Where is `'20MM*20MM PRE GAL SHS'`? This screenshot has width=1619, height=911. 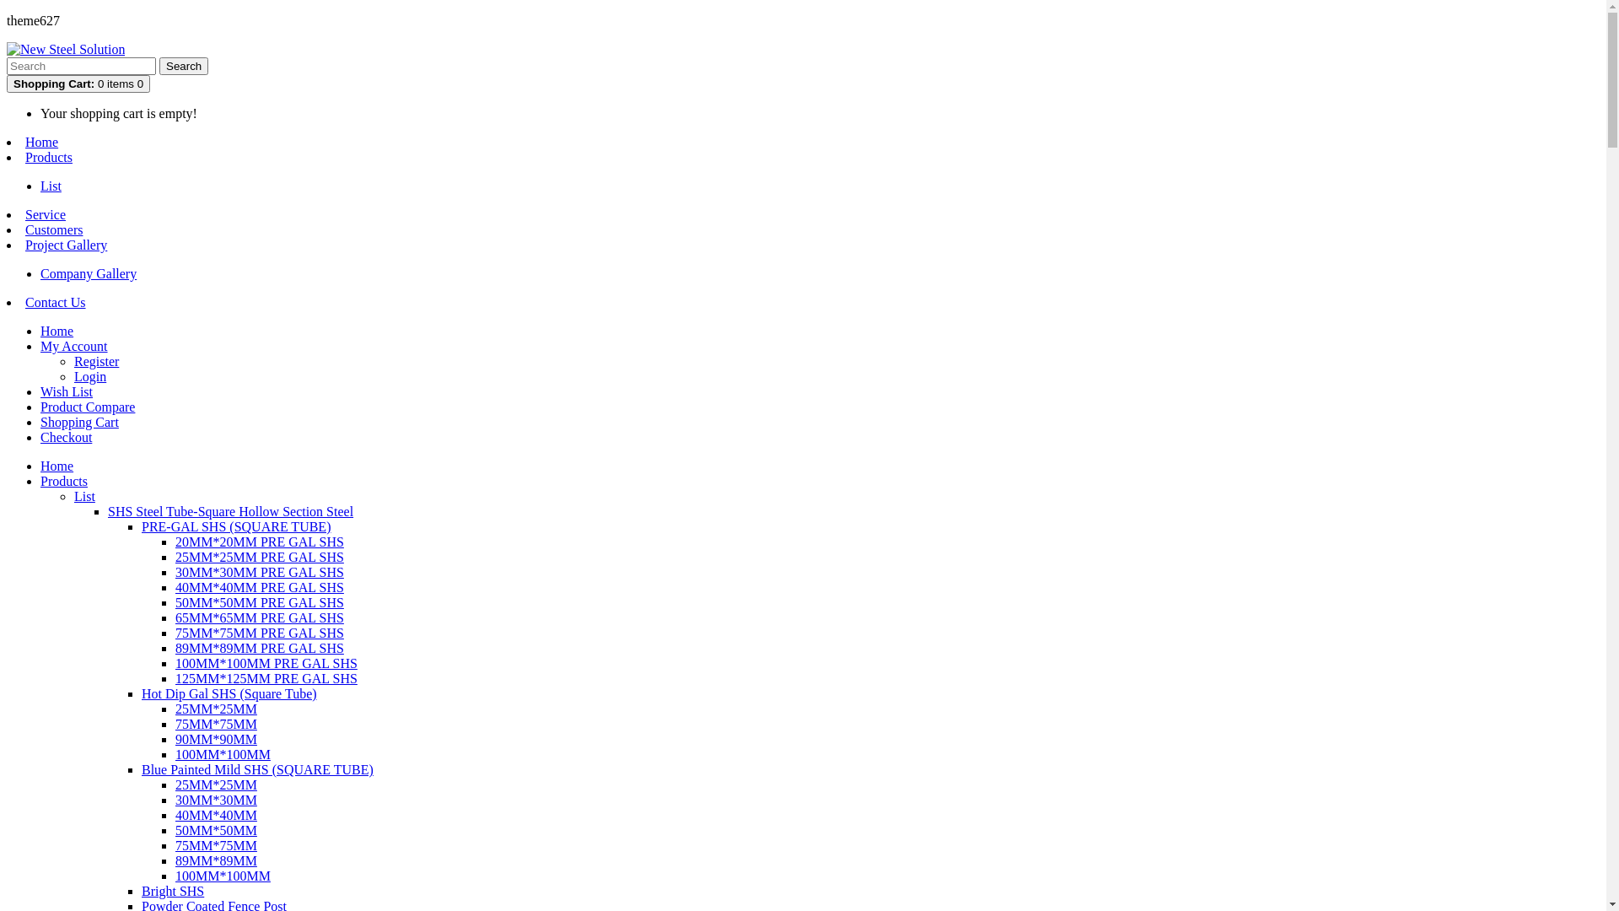
'20MM*20MM PRE GAL SHS' is located at coordinates (175, 542).